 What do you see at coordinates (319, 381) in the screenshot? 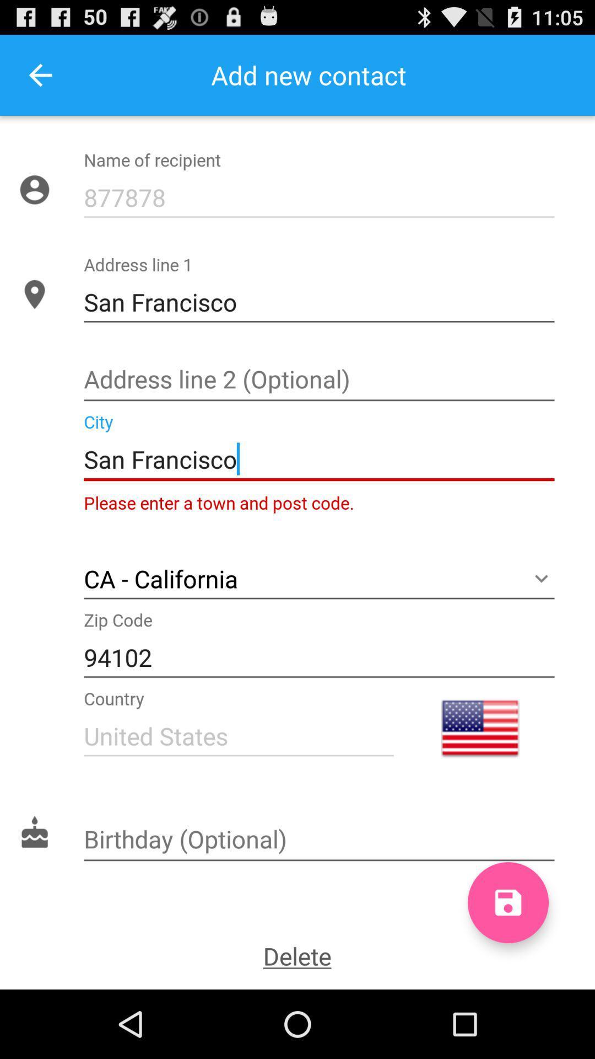
I see `information` at bounding box center [319, 381].